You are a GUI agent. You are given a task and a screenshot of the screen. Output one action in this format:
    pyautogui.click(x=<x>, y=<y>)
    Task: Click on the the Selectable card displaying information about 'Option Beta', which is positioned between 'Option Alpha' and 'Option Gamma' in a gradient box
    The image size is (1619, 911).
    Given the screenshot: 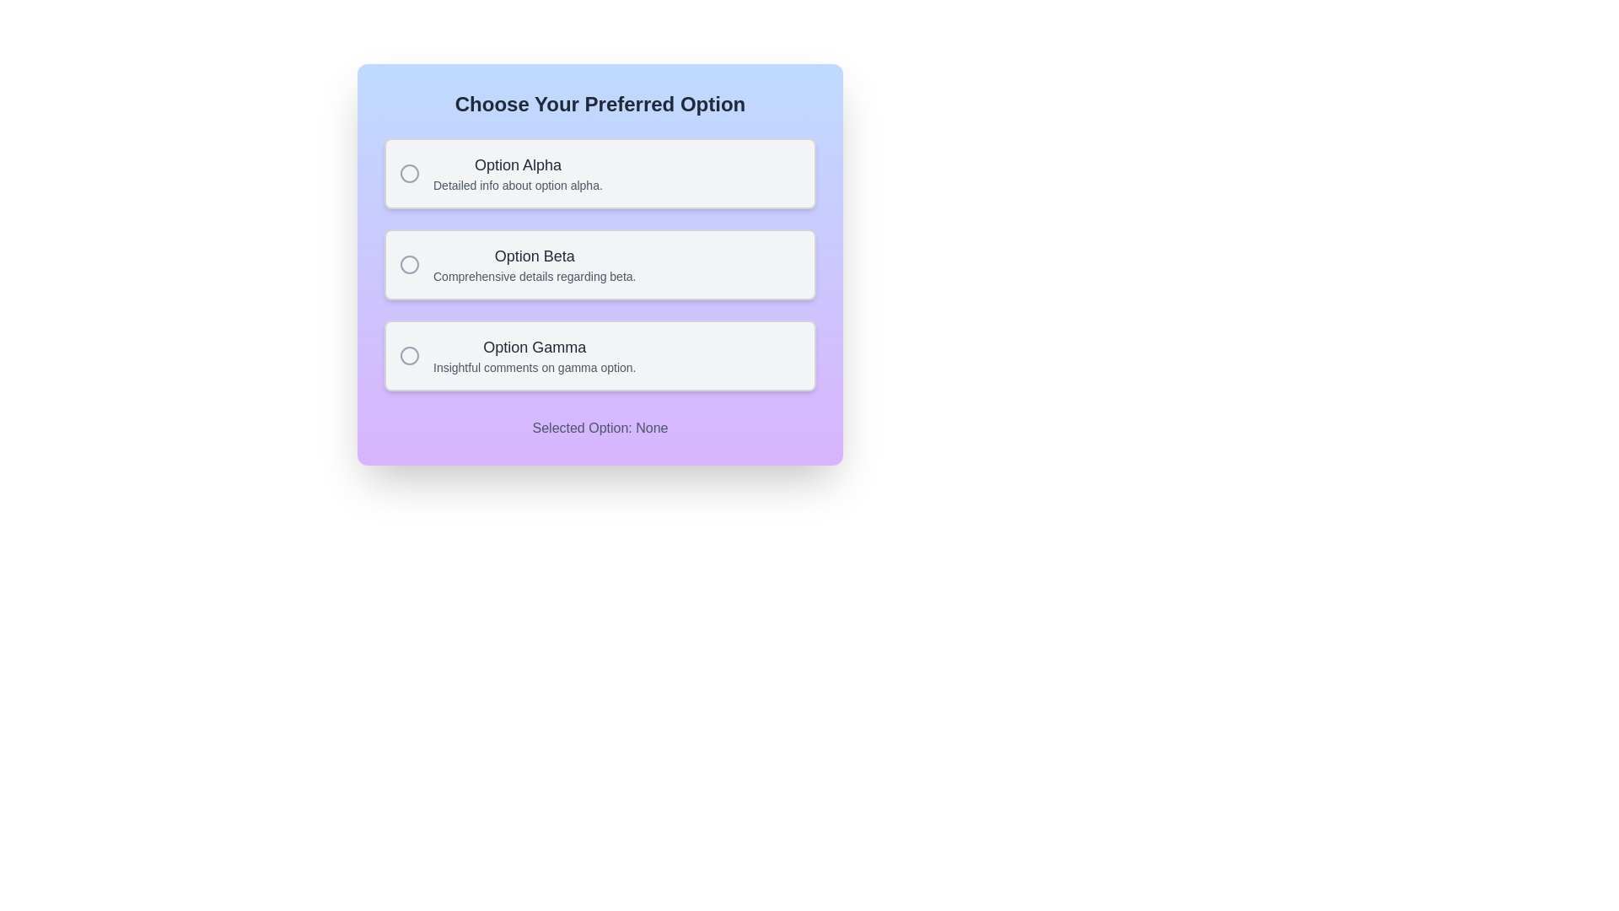 What is the action you would take?
    pyautogui.click(x=600, y=264)
    